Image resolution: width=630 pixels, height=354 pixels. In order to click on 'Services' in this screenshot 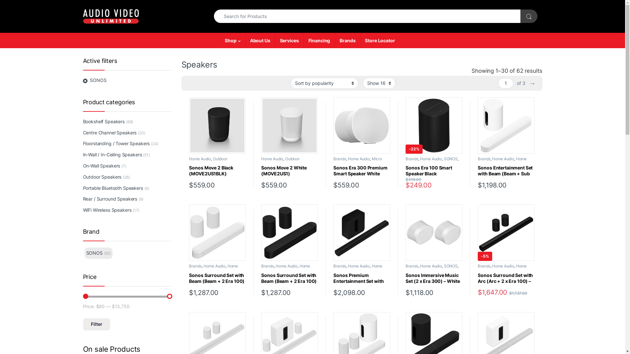, I will do `click(289, 40)`.